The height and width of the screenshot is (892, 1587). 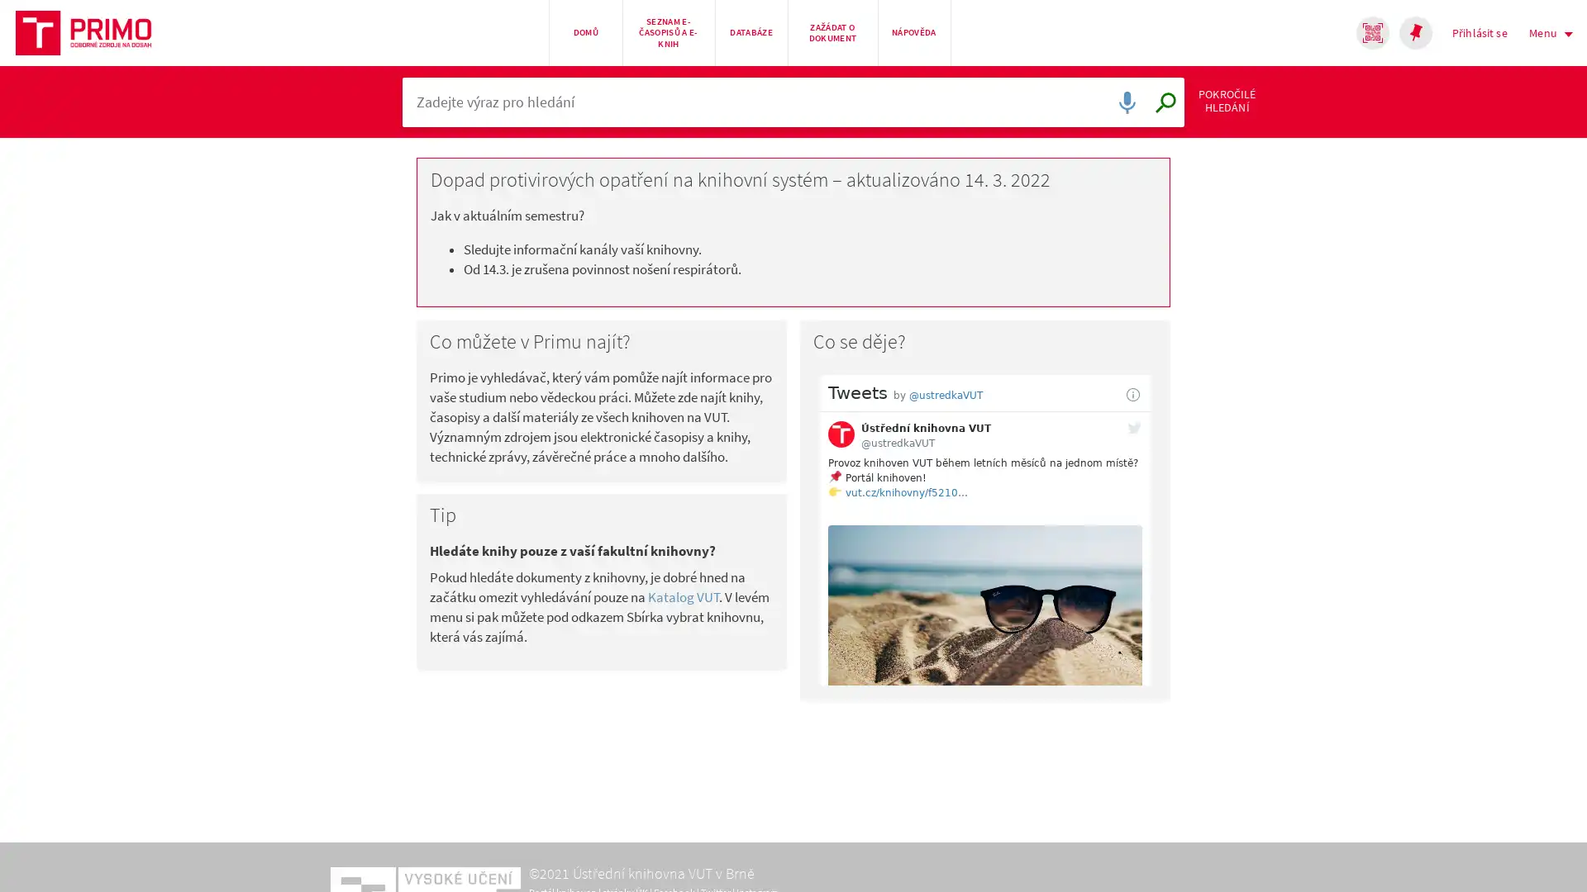 What do you see at coordinates (1372, 32) in the screenshot?
I see `QR` at bounding box center [1372, 32].